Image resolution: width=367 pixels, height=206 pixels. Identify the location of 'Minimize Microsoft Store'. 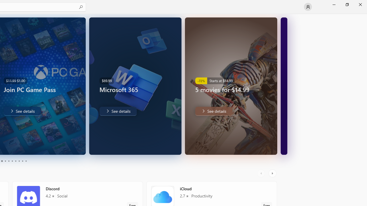
(334, 4).